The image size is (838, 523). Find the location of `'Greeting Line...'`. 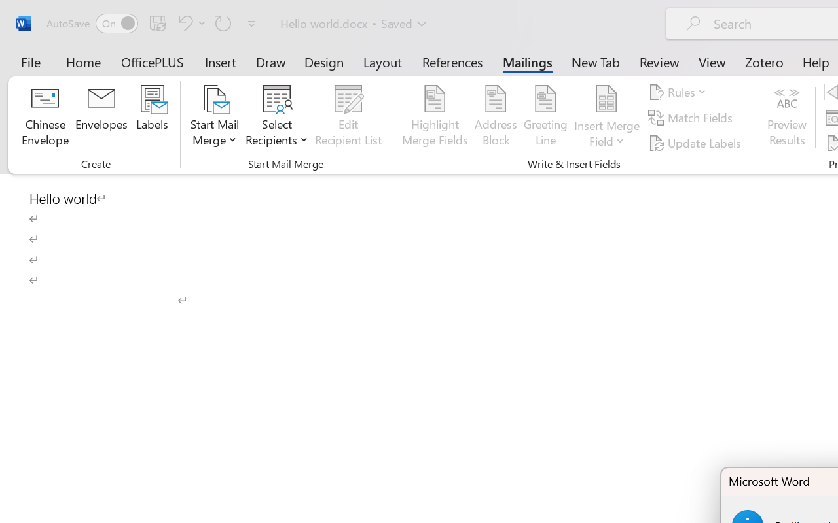

'Greeting Line...' is located at coordinates (545, 117).